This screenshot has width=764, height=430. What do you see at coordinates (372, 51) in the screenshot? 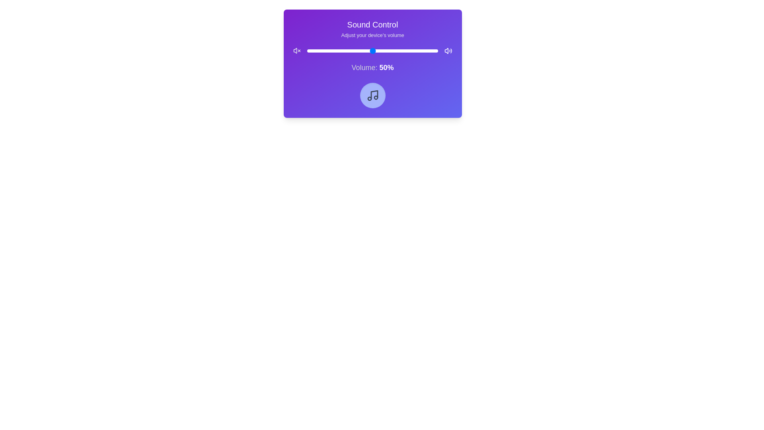
I see `the volume slider to 50%` at bounding box center [372, 51].